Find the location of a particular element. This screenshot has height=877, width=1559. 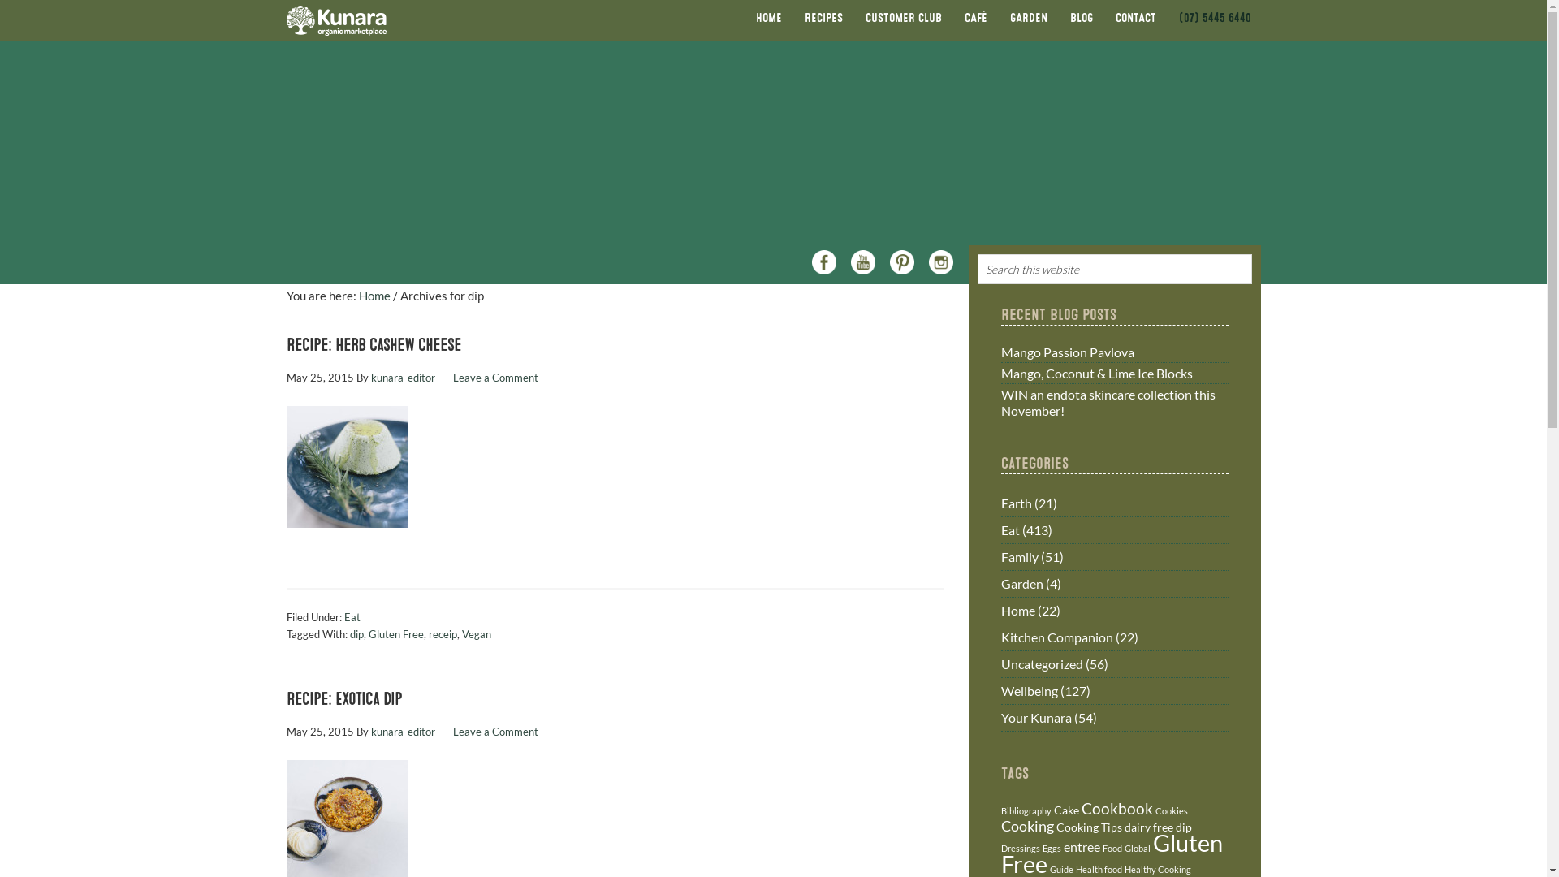

'Dressings' is located at coordinates (1019, 847).